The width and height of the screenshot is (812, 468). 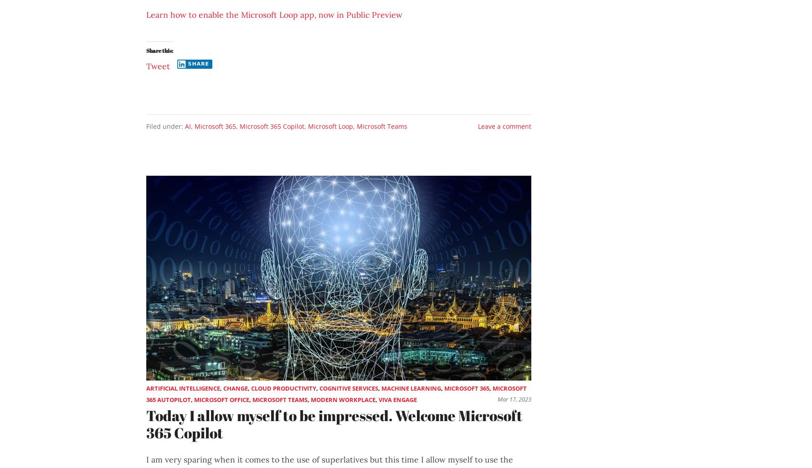 What do you see at coordinates (381, 387) in the screenshot?
I see `'Machine Learning'` at bounding box center [381, 387].